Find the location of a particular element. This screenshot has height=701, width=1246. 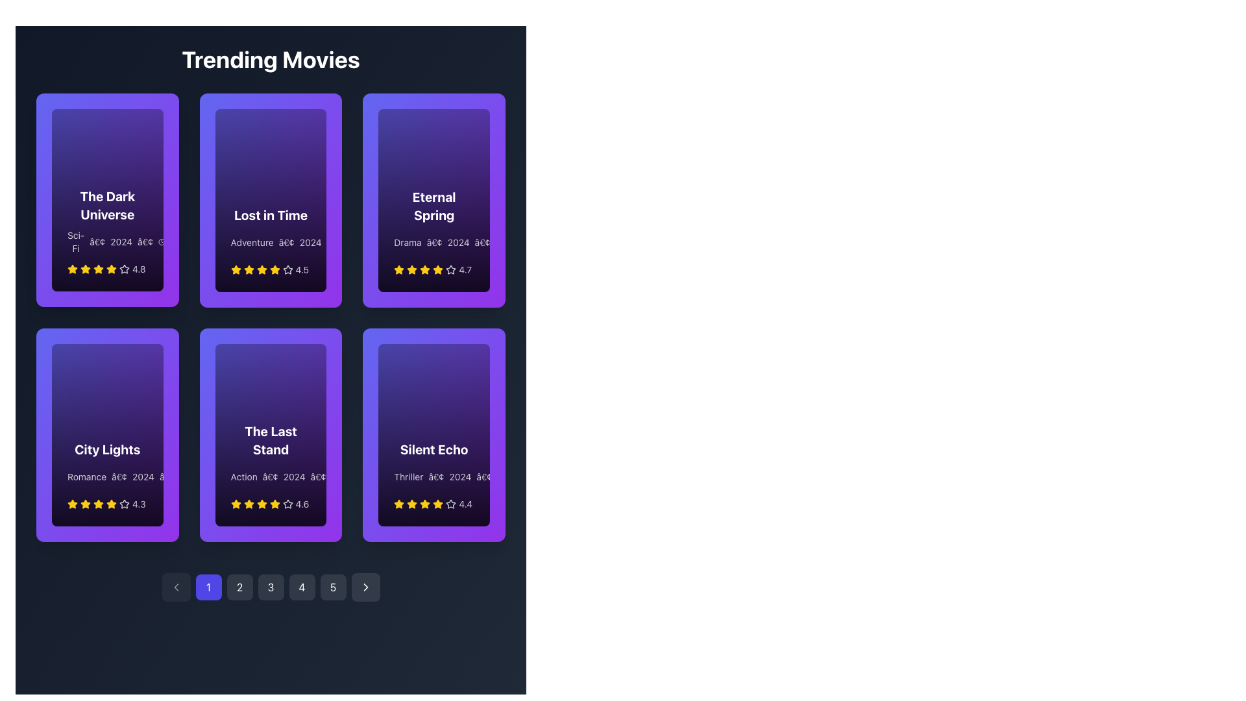

the yellow star icon is located at coordinates (398, 269).